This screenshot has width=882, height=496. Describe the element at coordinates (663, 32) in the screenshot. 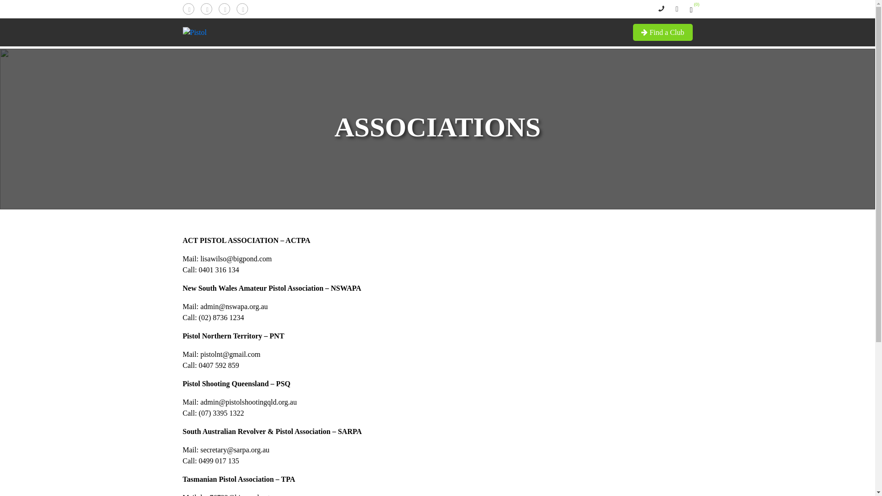

I see `'Find a Club'` at that location.